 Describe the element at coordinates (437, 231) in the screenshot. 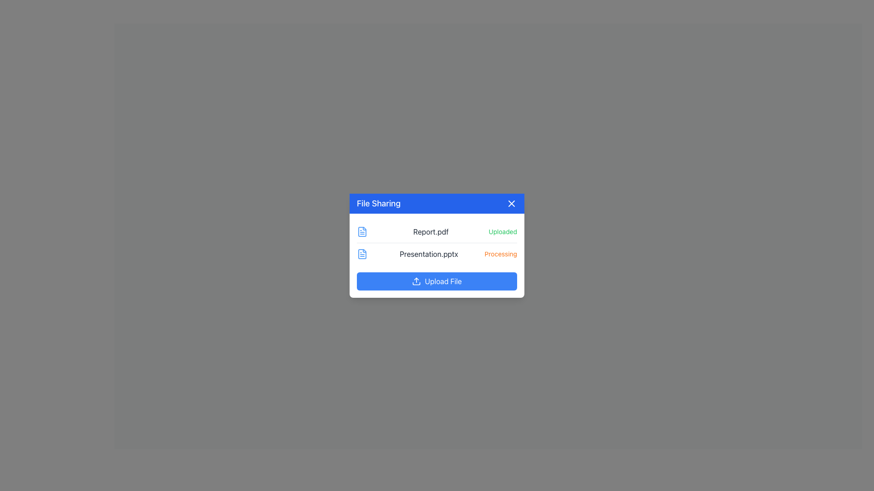

I see `file name 'Report.pdf' and its status 'Uploaded' from the first row of the file sharing list, which contains a blue file icon and is styled minimally` at that location.